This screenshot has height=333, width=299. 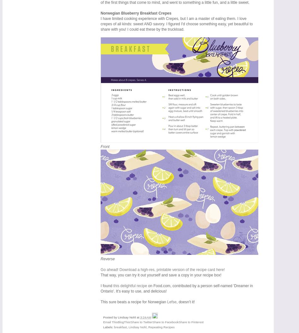 I want to click on 'Labels:', so click(x=108, y=327).